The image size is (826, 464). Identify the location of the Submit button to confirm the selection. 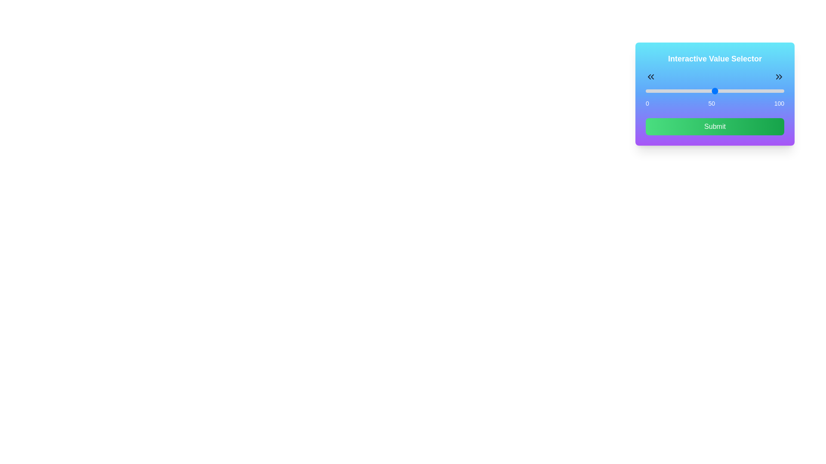
(715, 126).